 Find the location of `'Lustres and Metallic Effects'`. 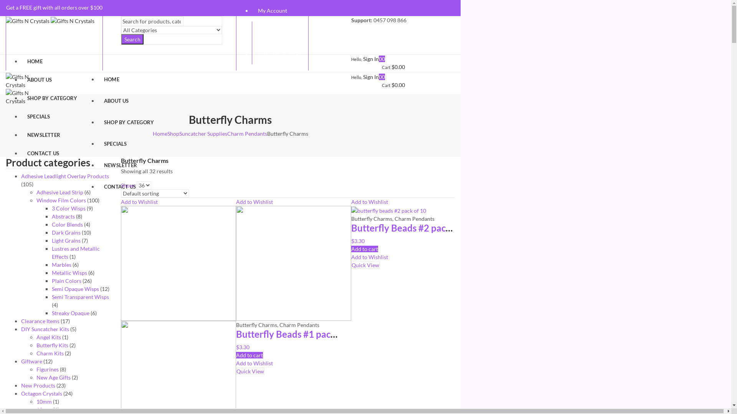

'Lustres and Metallic Effects' is located at coordinates (76, 253).